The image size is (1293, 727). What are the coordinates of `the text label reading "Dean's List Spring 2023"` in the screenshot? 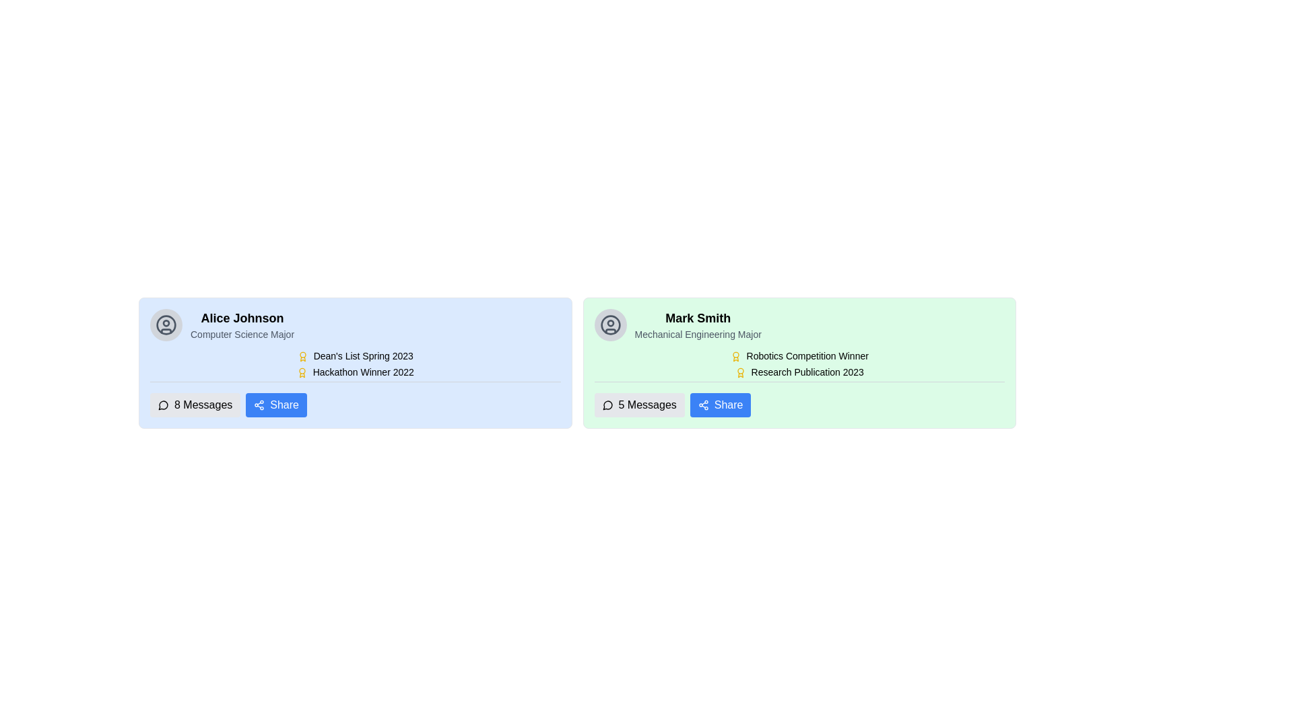 It's located at (355, 355).